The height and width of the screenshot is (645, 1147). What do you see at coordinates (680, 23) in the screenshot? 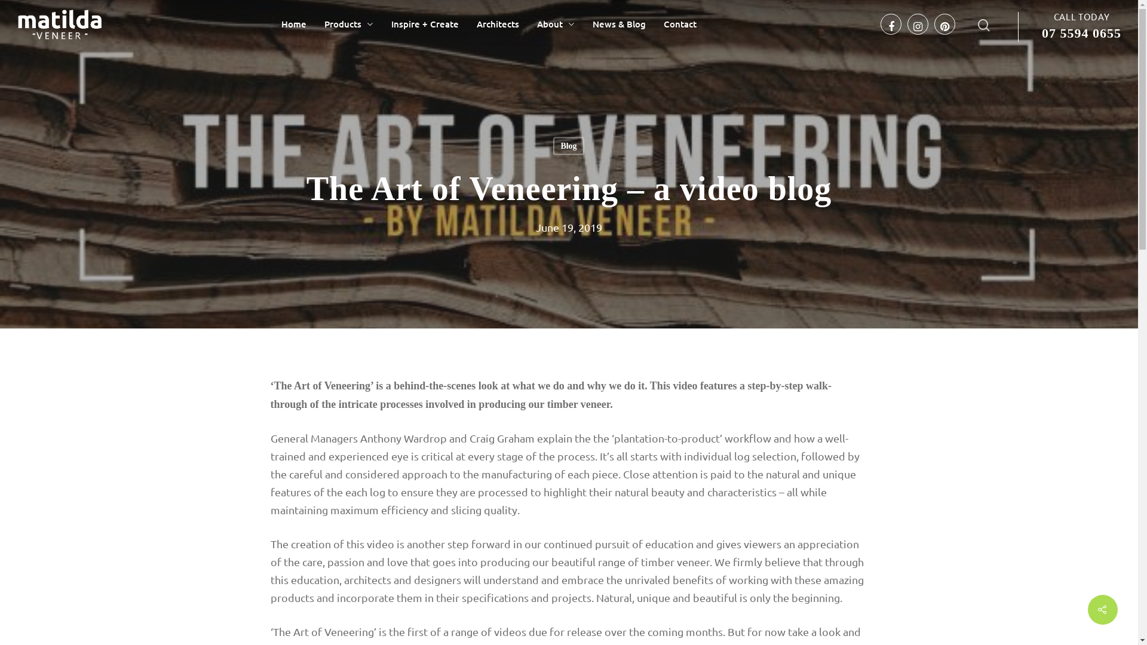
I see `'Contact'` at bounding box center [680, 23].